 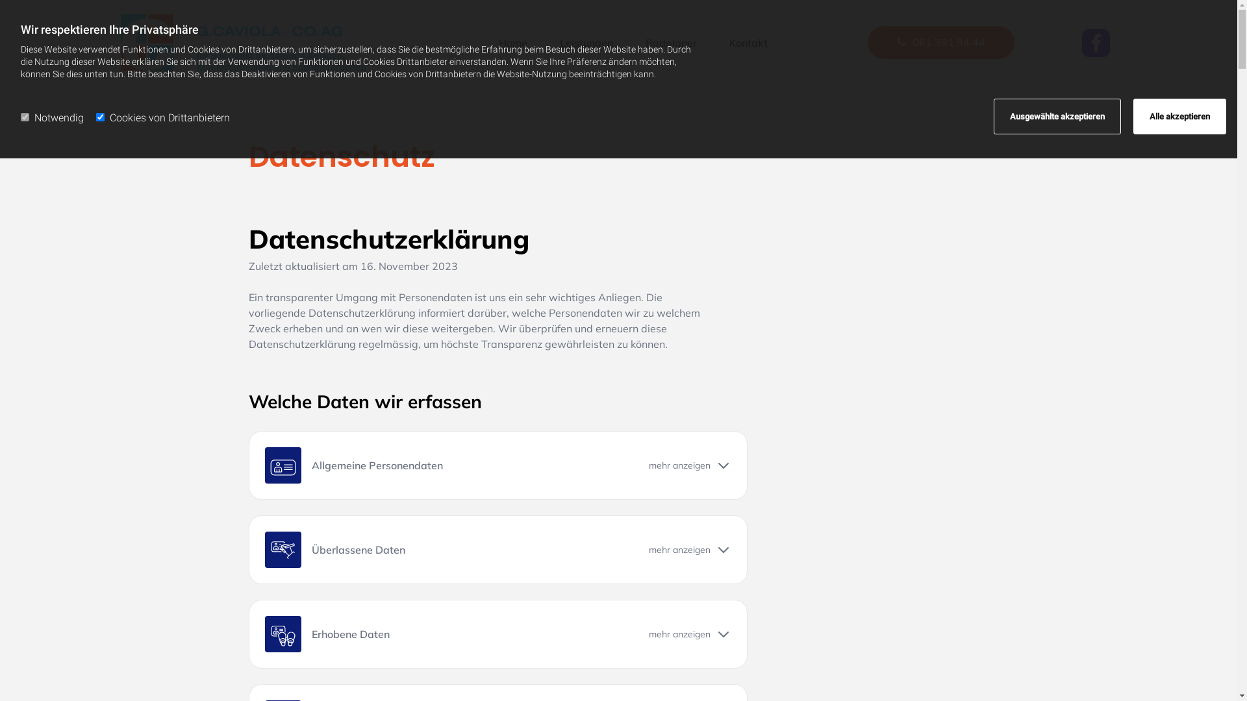 I want to click on '061 381 94 44', so click(x=941, y=42).